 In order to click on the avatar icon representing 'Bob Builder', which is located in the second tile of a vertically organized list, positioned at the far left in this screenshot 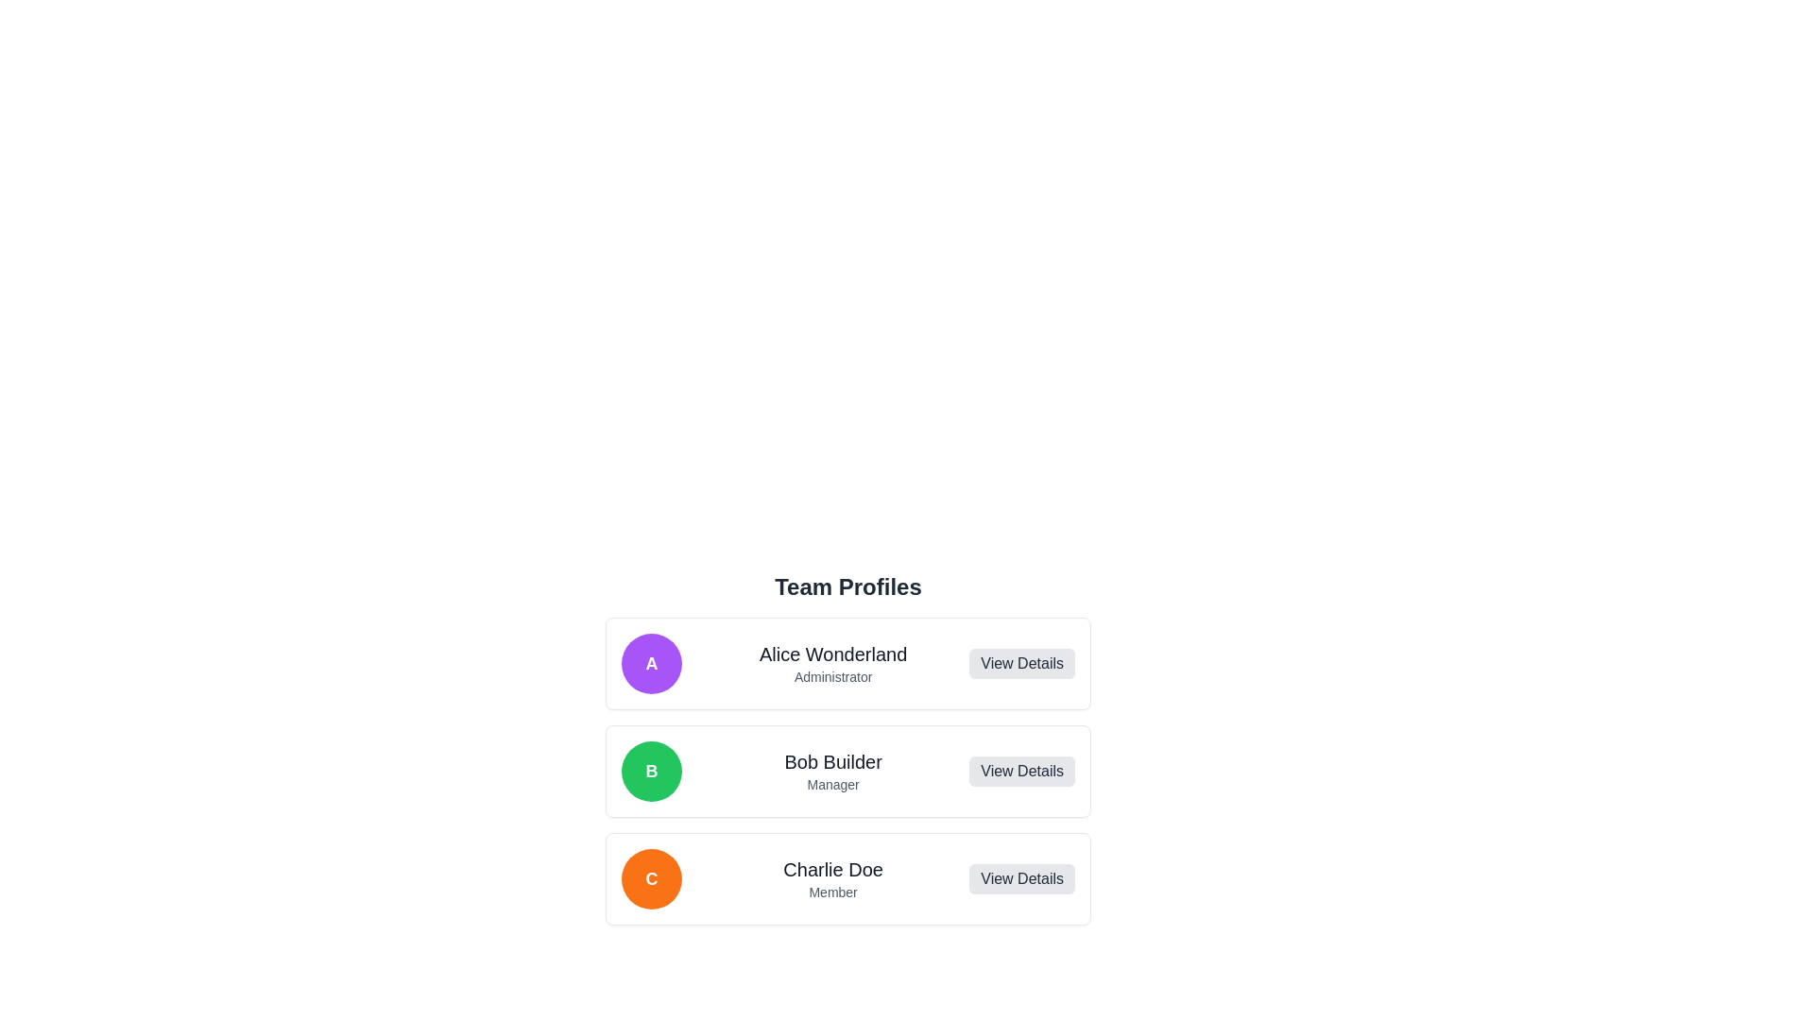, I will do `click(652, 772)`.